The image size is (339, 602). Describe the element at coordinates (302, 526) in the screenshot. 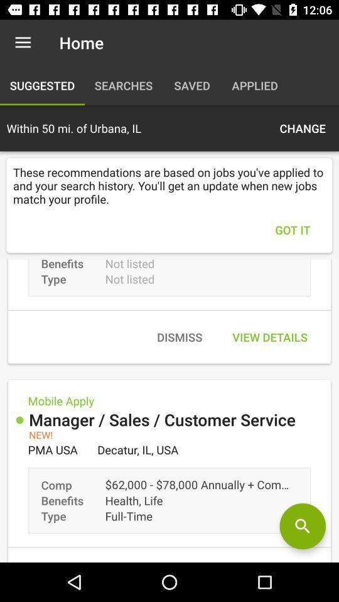

I see `search` at that location.